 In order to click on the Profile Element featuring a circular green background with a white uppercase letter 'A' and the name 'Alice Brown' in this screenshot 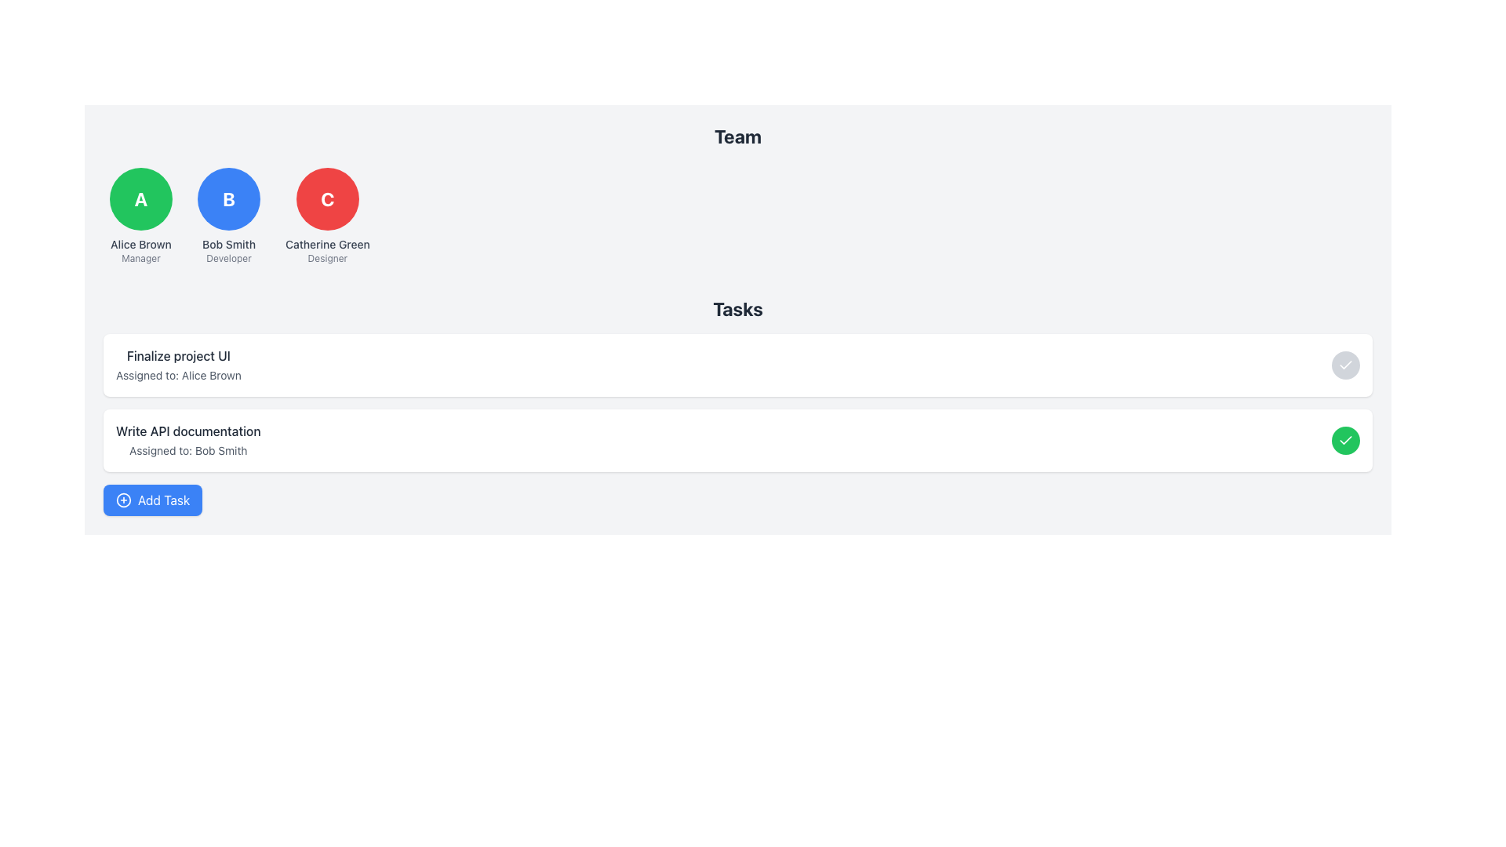, I will do `click(141, 216)`.